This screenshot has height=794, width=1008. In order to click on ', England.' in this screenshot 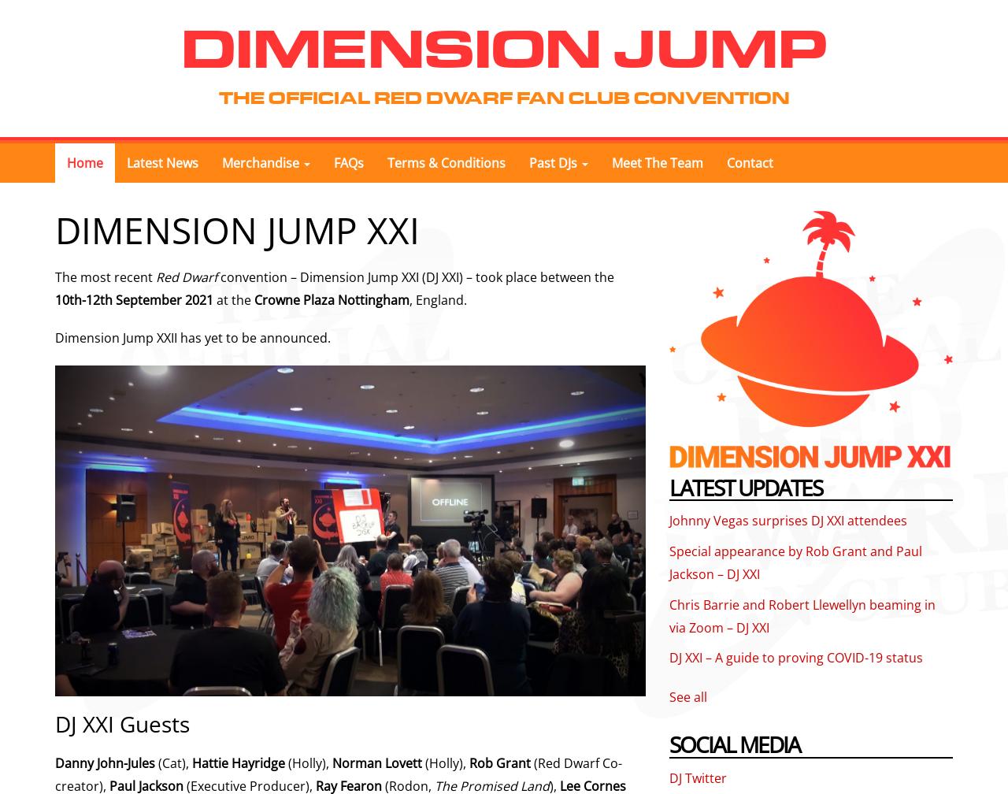, I will do `click(438, 299)`.